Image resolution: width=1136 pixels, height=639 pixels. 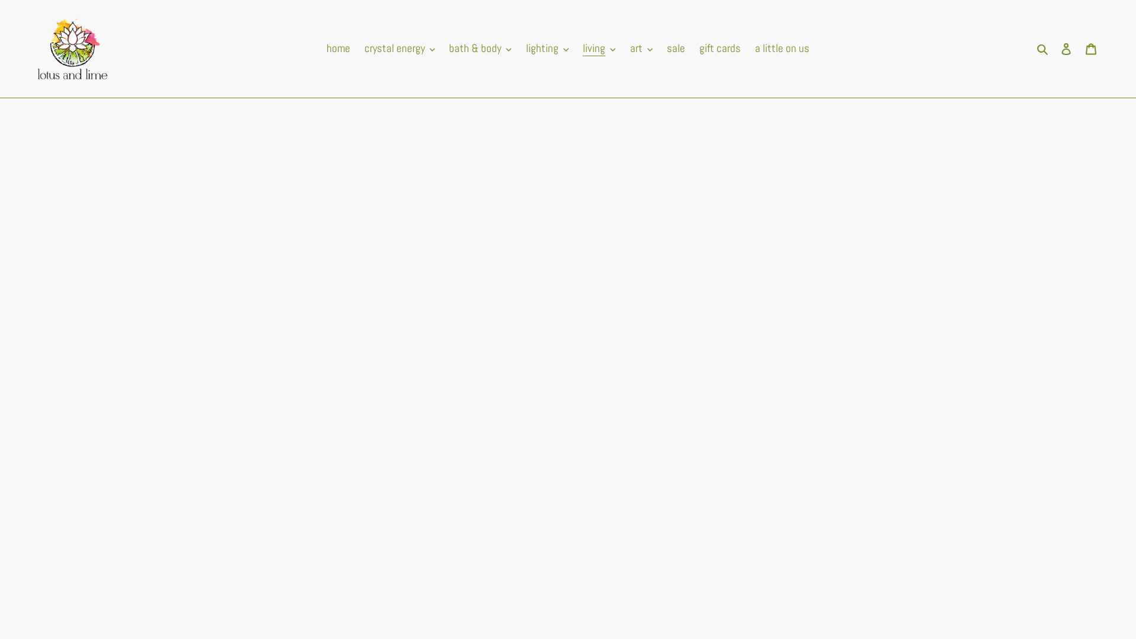 I want to click on 'Search', so click(x=1043, y=48).